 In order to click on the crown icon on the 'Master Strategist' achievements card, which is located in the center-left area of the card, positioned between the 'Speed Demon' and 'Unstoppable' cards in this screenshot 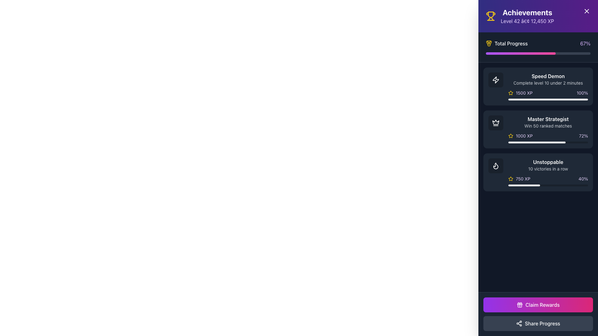, I will do `click(496, 122)`.